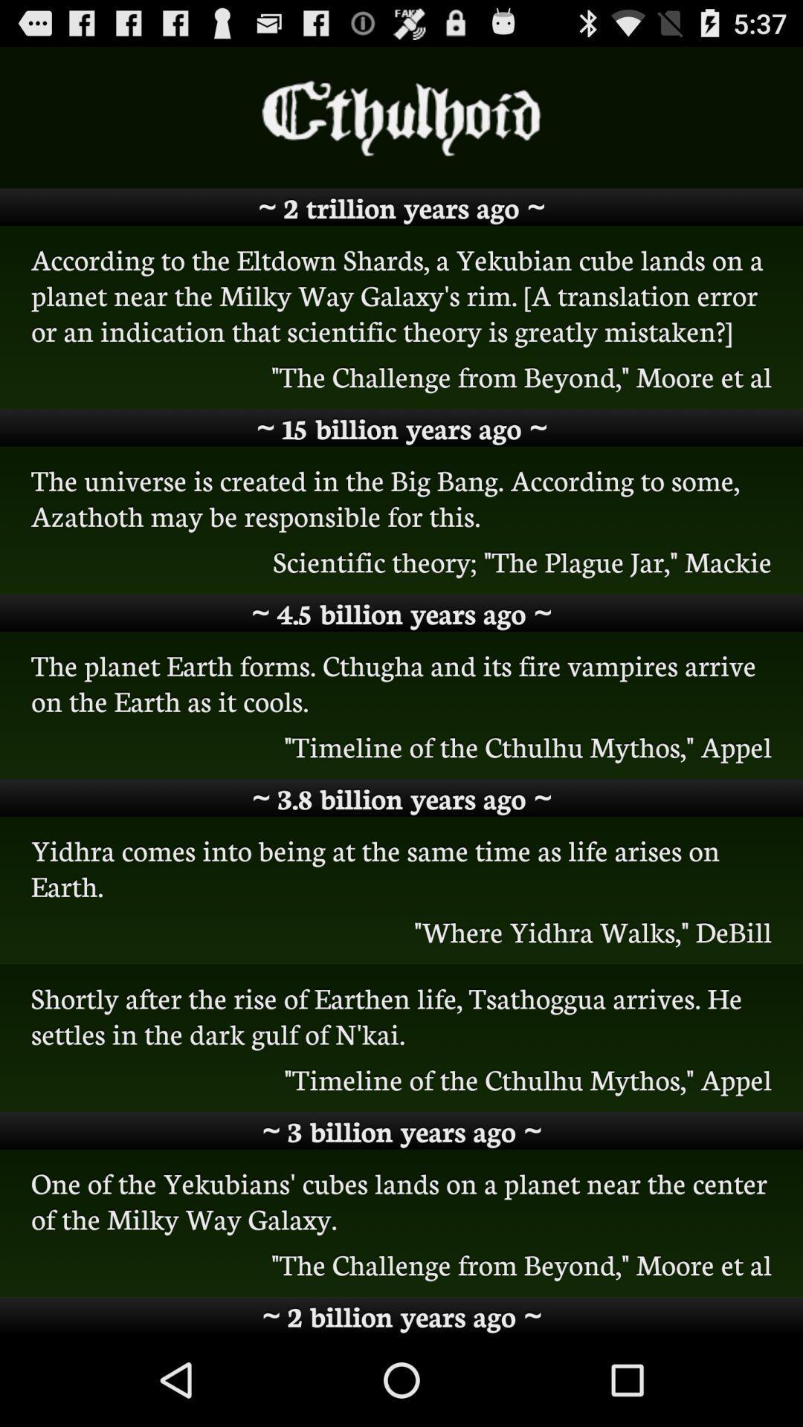 The image size is (803, 1427). What do you see at coordinates (401, 613) in the screenshot?
I see `item below the scientific theory the item` at bounding box center [401, 613].